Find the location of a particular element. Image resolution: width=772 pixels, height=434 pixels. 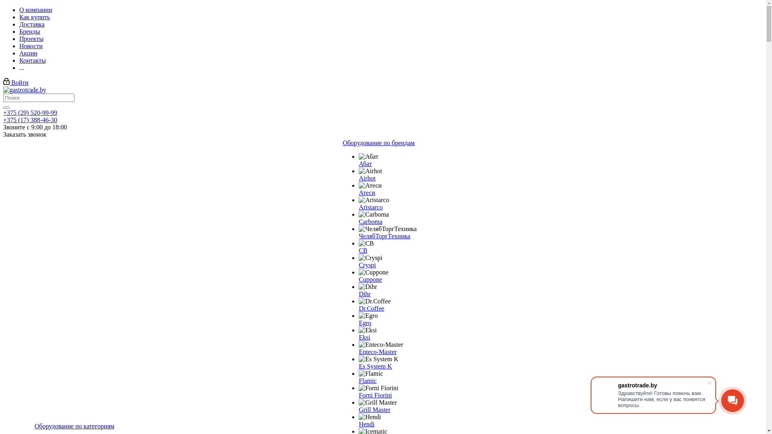

'Hendi' is located at coordinates (366, 424).